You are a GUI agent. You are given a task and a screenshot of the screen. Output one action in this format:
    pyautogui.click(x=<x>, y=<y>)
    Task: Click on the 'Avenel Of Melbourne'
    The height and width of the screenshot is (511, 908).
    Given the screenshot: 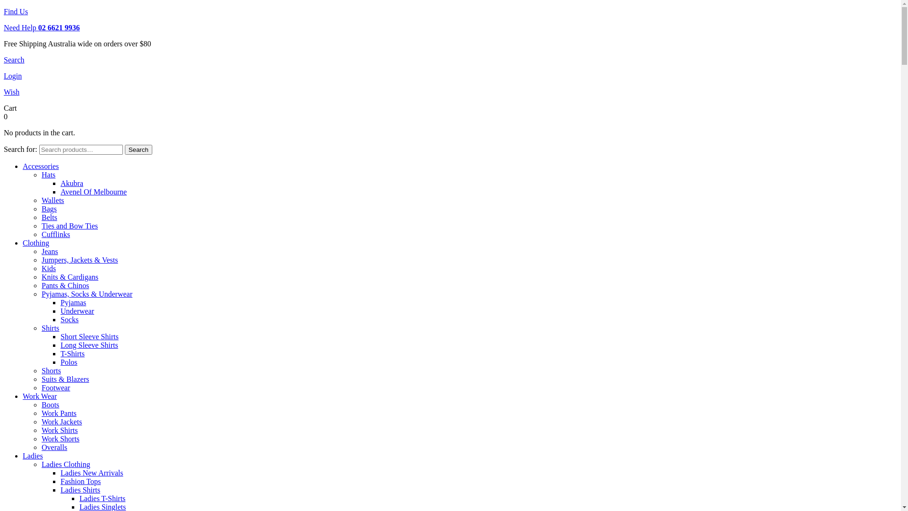 What is the action you would take?
    pyautogui.click(x=93, y=192)
    